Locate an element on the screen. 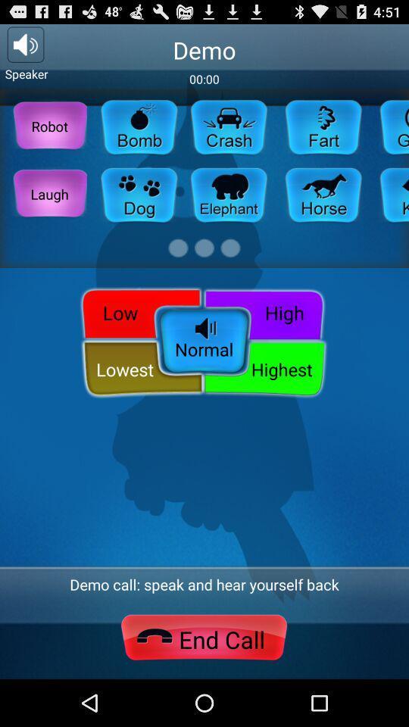  icon above the demo call speak item is located at coordinates (264, 368).